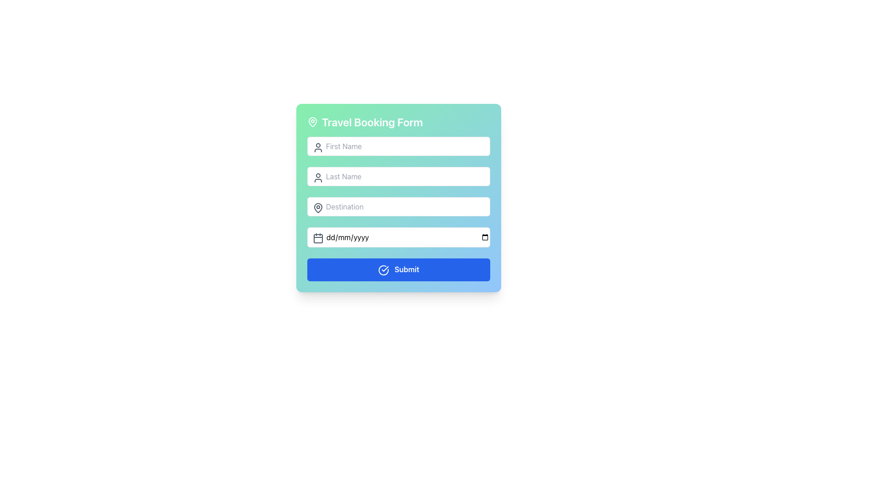 The height and width of the screenshot is (494, 878). What do you see at coordinates (318, 237) in the screenshot?
I see `the decorative date selection icon located to the left of the date input field, which is aligned with the placeholder text 'dd/mm/yyyy' in the fourth input row of the form` at bounding box center [318, 237].